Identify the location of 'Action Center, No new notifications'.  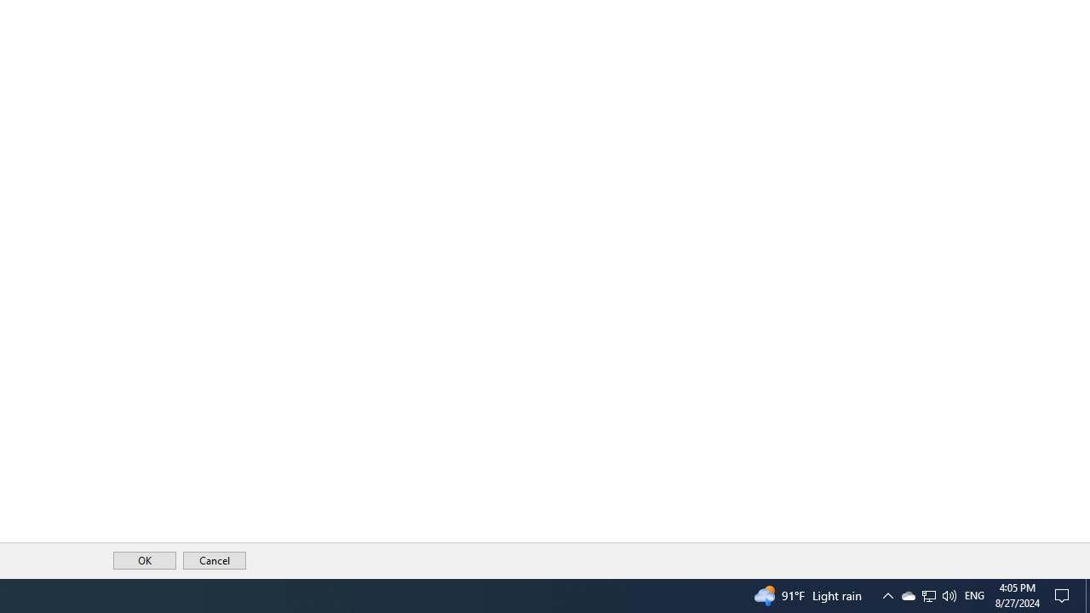
(1064, 594).